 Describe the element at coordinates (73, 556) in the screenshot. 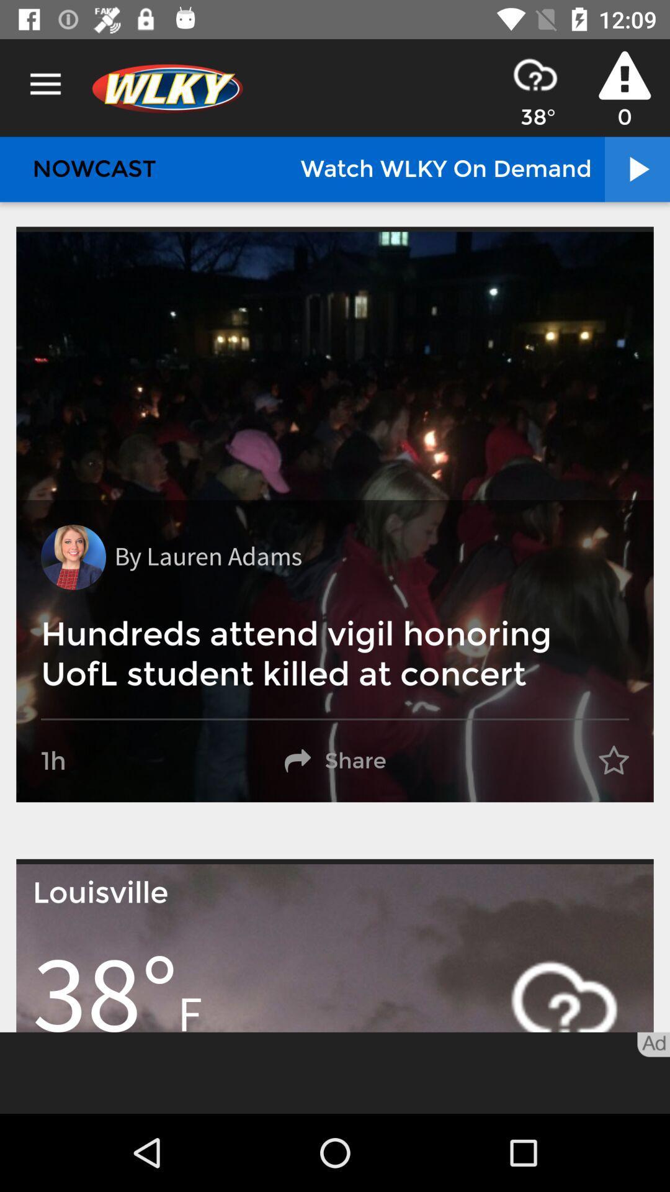

I see `the item above hundreds attend vigil` at that location.